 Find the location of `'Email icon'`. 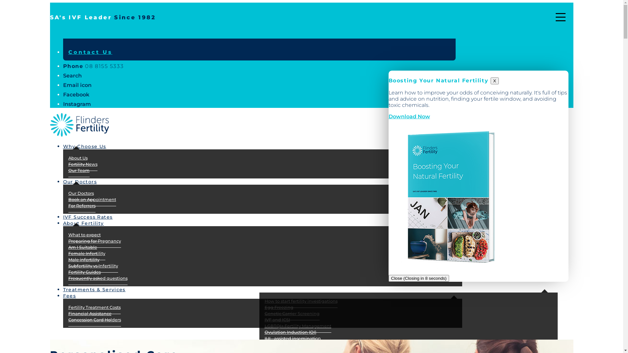

'Email icon' is located at coordinates (77, 85).